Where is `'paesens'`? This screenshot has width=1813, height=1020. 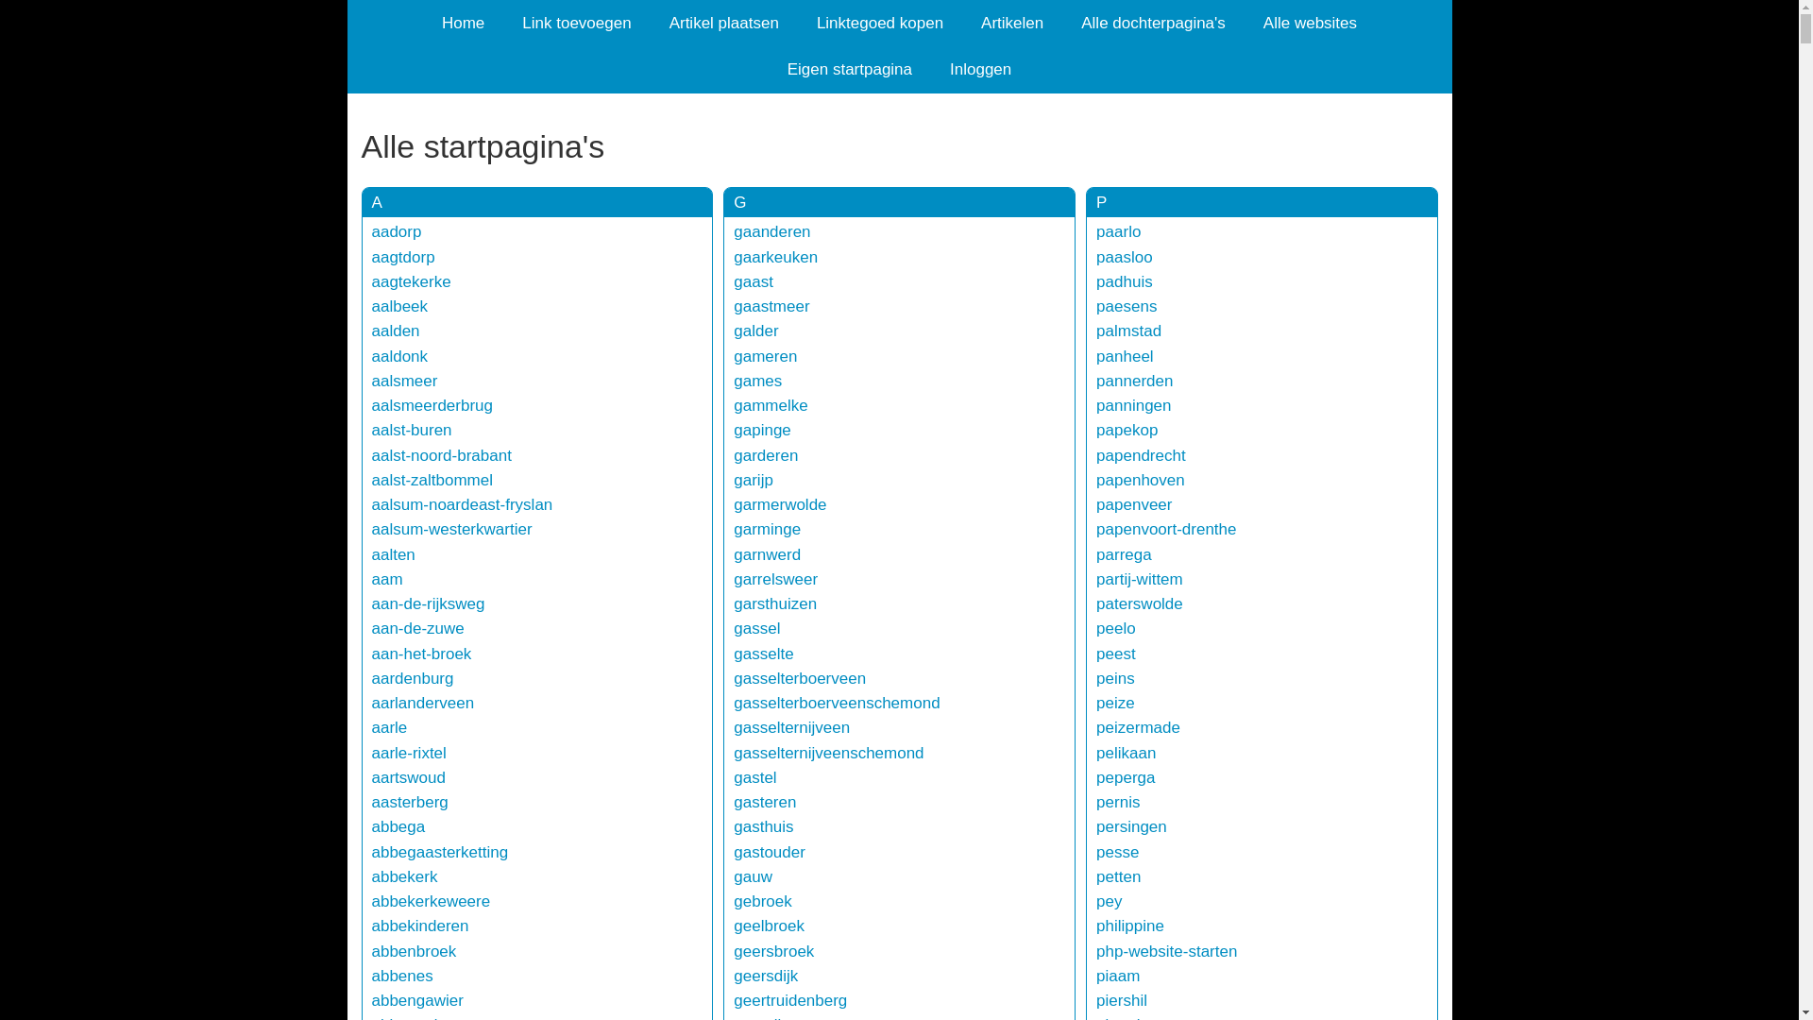 'paesens' is located at coordinates (1127, 305).